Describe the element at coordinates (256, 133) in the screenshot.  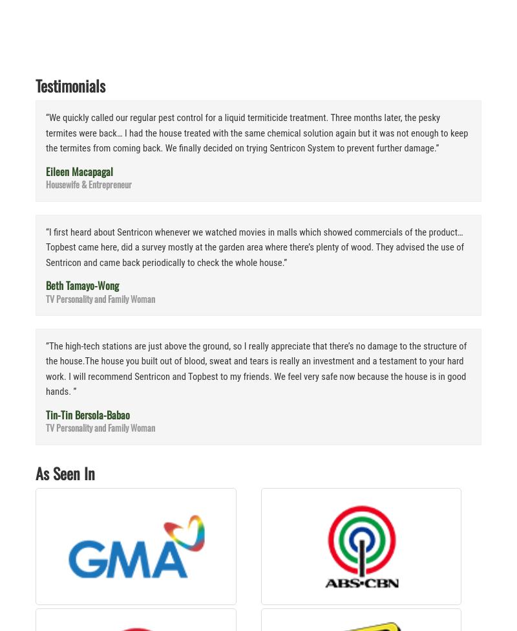
I see `'“We quickly called our regular pest control for a liquid termiticide treatment. Three months later, the pesky termites were back… I had the house treated with the same chemical solution again but it was not enough to keep the termites from coming back. We finally decided on trying Sentricon System to prevent further damage.”'` at that location.